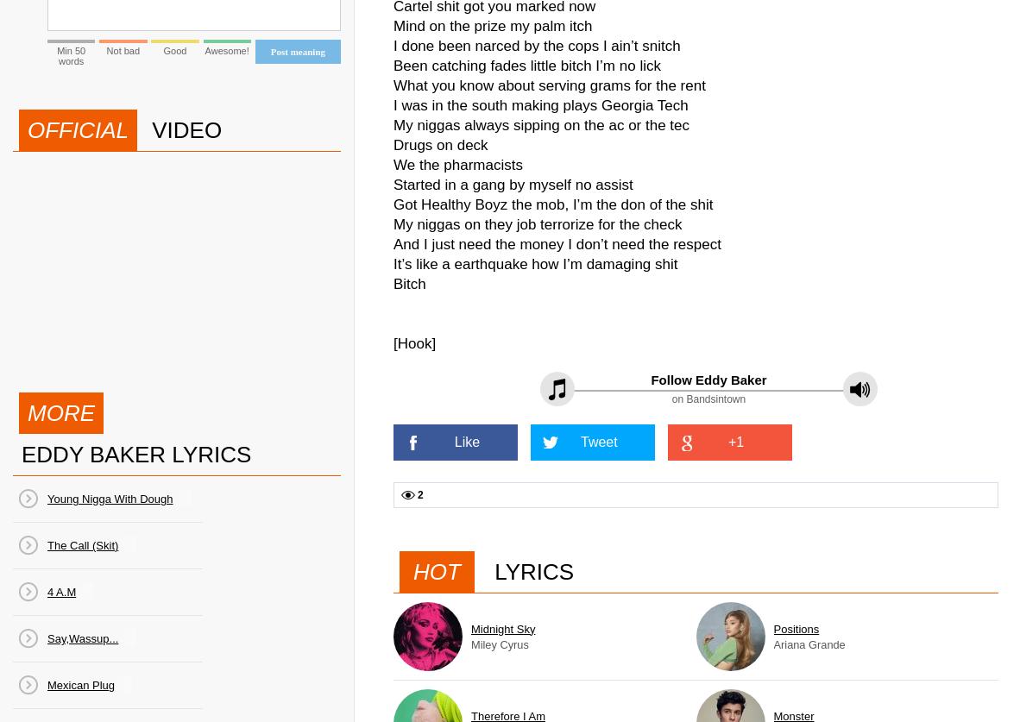 The height and width of the screenshot is (722, 1020). What do you see at coordinates (417, 495) in the screenshot?
I see `'2'` at bounding box center [417, 495].